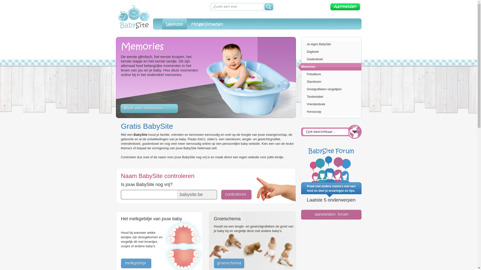 The height and width of the screenshot is (270, 481). What do you see at coordinates (330, 96) in the screenshot?
I see `'Tandentabel'` at bounding box center [330, 96].